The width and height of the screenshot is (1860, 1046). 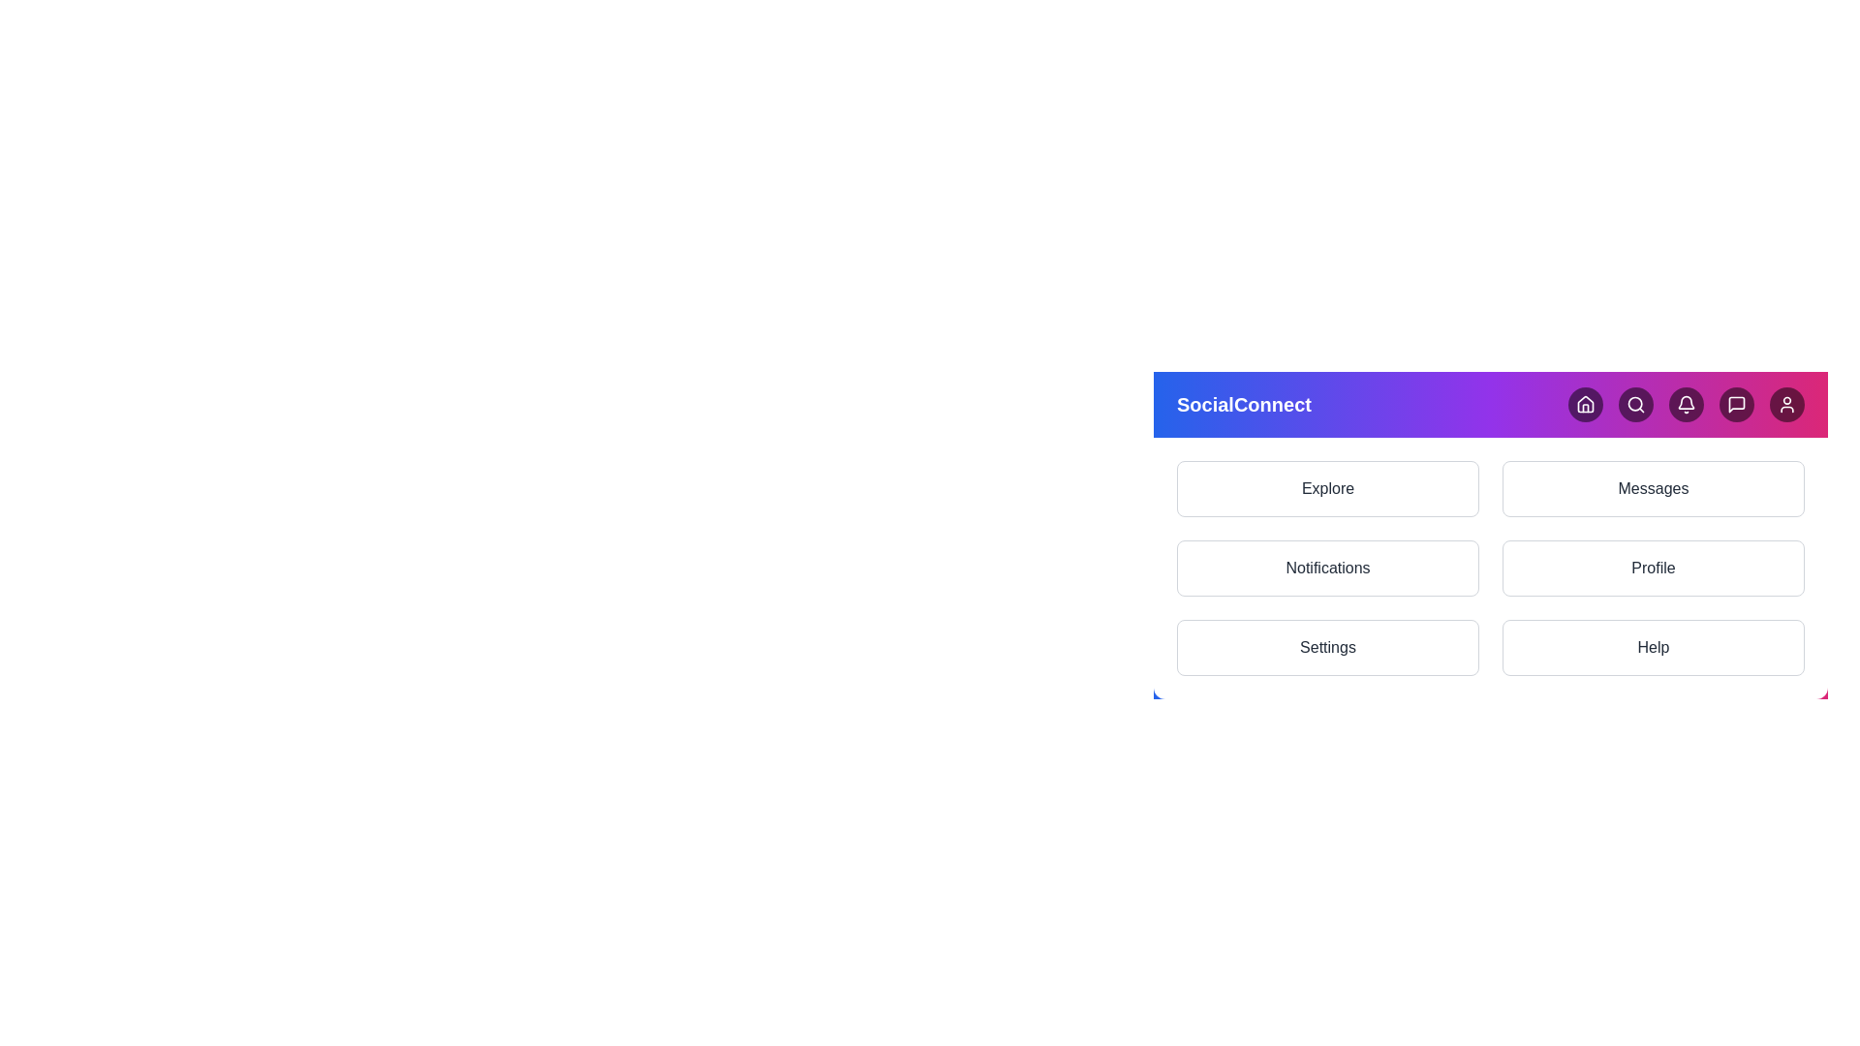 I want to click on the button with the icon MessageSquare to observe the hover effect, so click(x=1737, y=403).